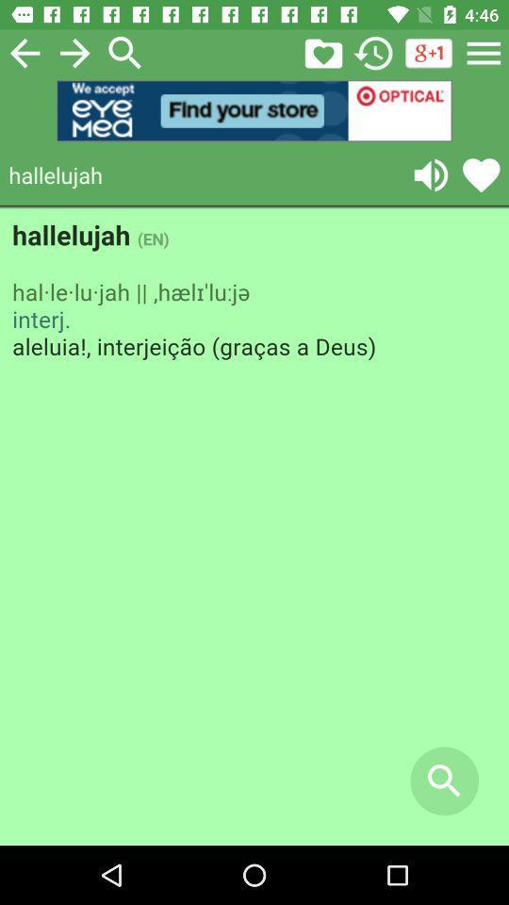  I want to click on go next, so click(74, 52).